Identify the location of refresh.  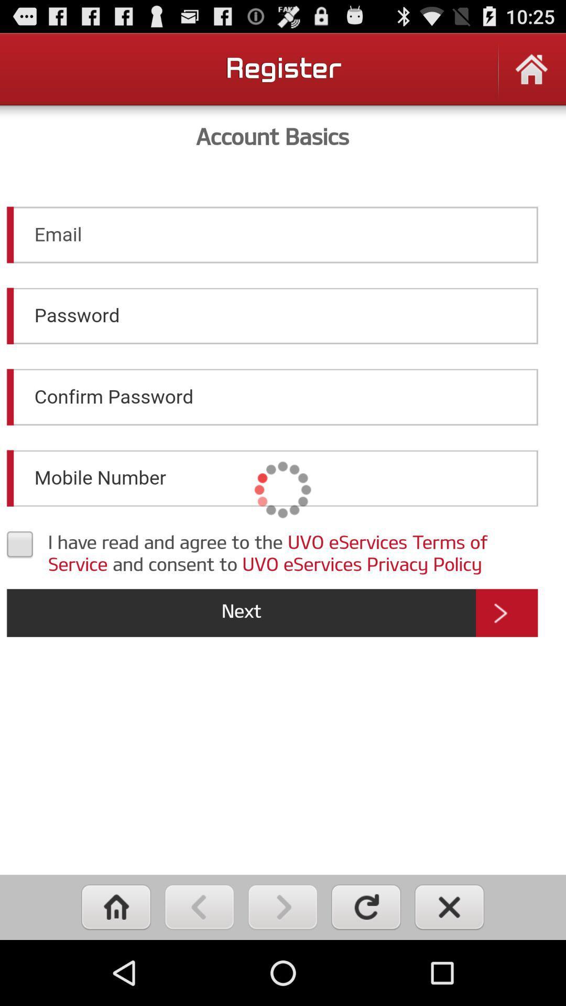
(365, 906).